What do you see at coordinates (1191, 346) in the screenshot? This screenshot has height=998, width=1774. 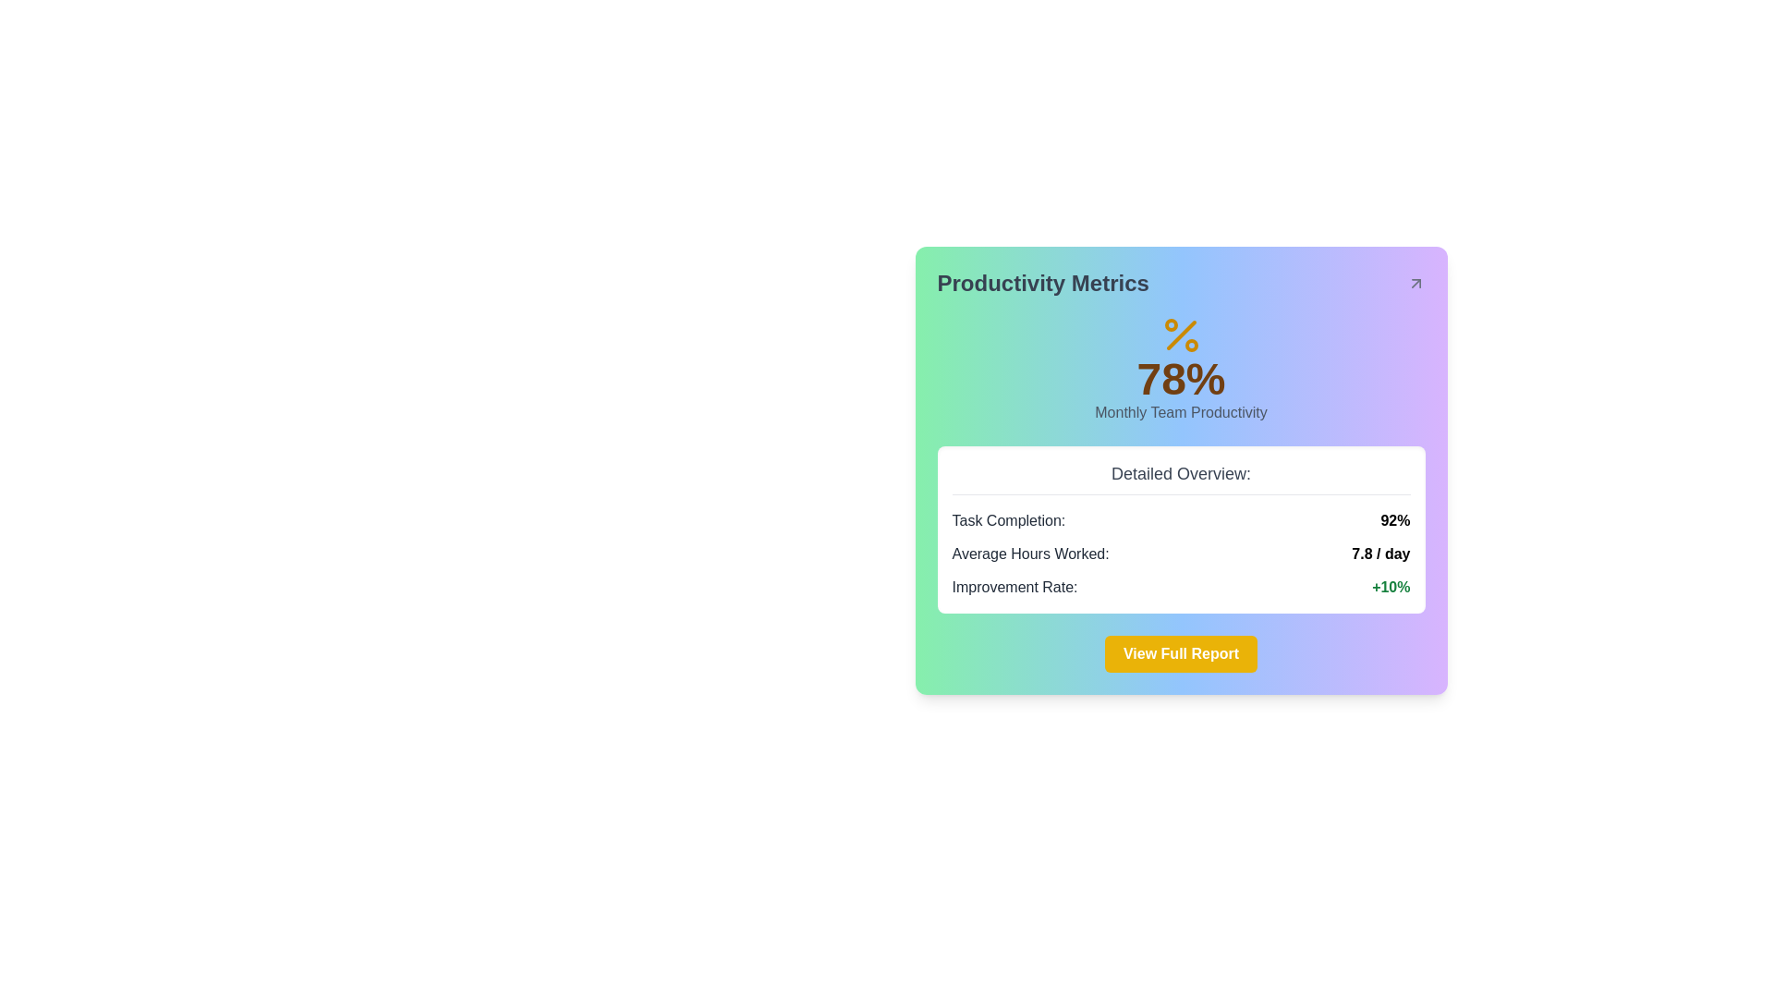 I see `the decorative icon segment (circle within a percent symbol) located in the middle-top of the card displaying productivity metrics, which is aligned below the diagonal line of the percent symbol` at bounding box center [1191, 346].